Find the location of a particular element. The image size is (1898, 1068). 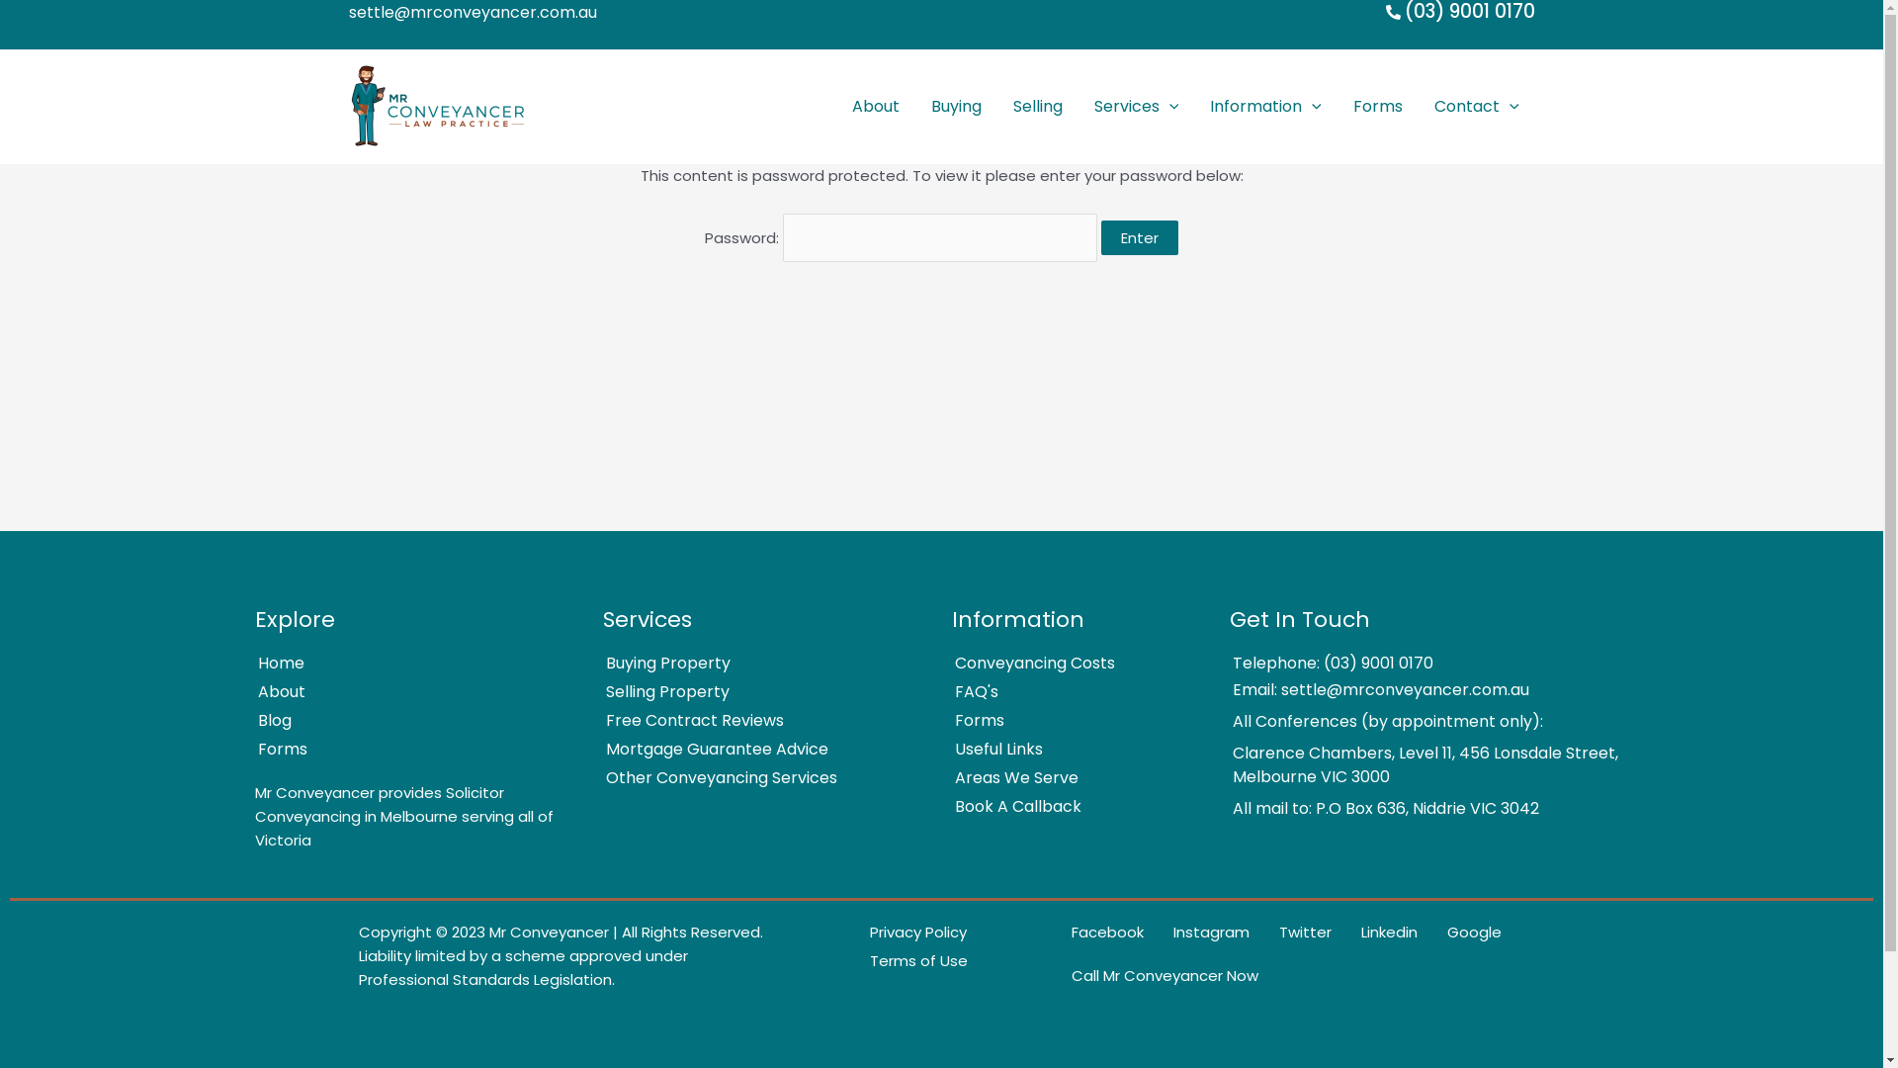

'Privacy Policy' is located at coordinates (763, 932).